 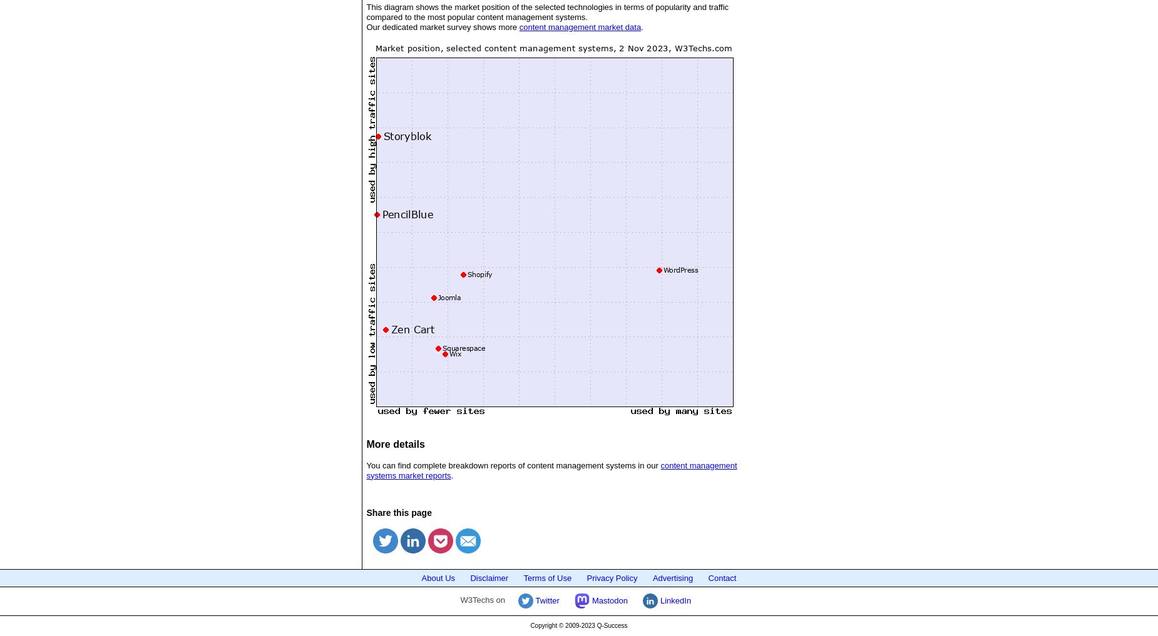 I want to click on 'Mastodon', so click(x=607, y=599).